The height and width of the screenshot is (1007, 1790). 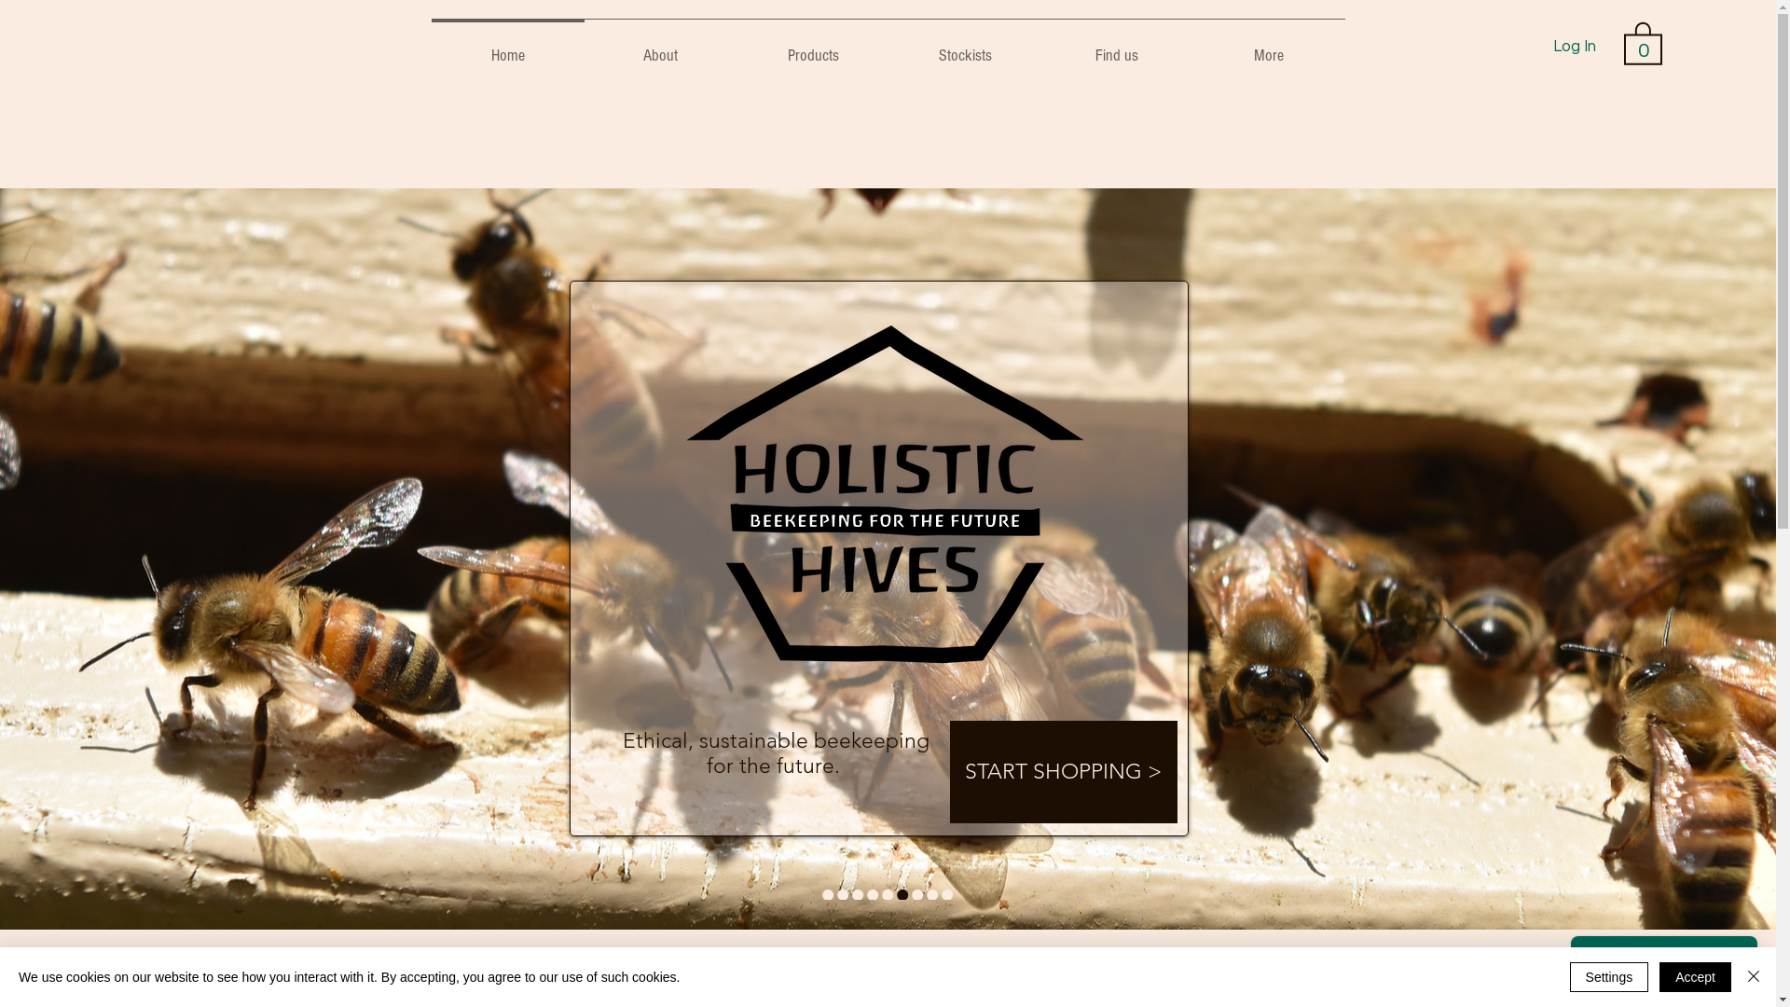 I want to click on 'Find us', so click(x=1116, y=46).